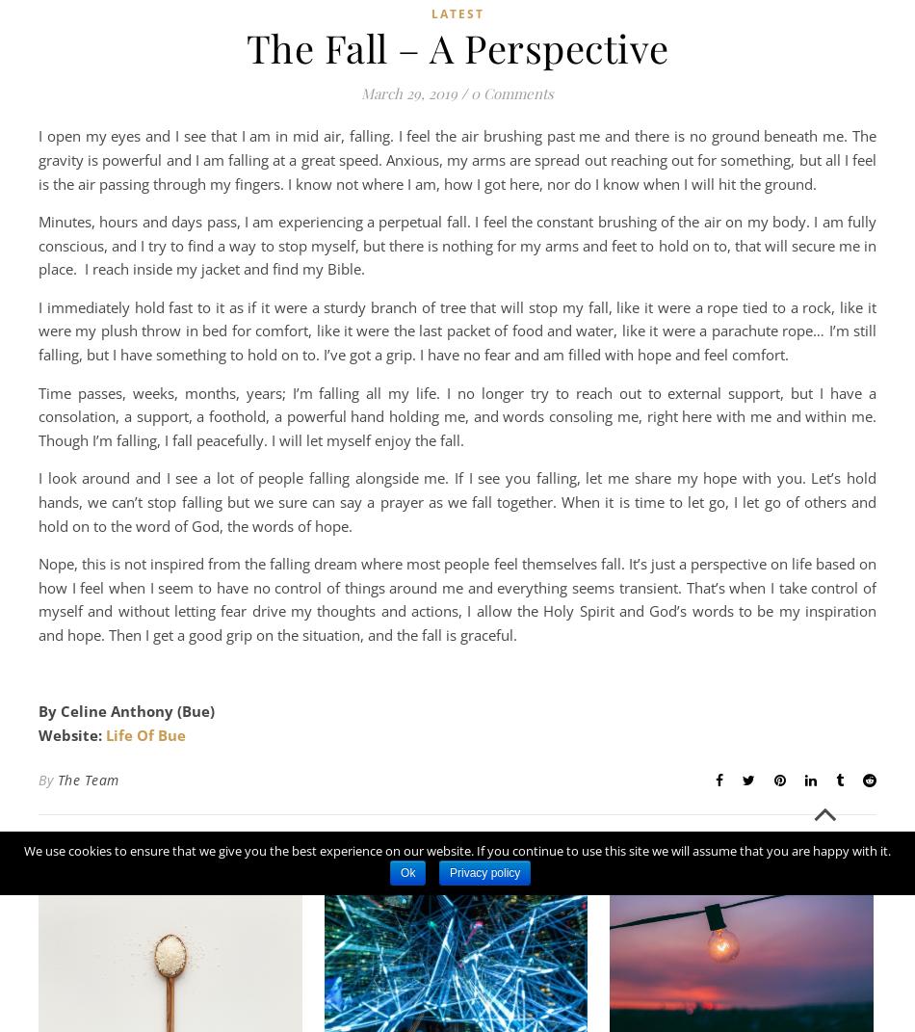  Describe the element at coordinates (145, 734) in the screenshot. I see `'Life Of Bue'` at that location.